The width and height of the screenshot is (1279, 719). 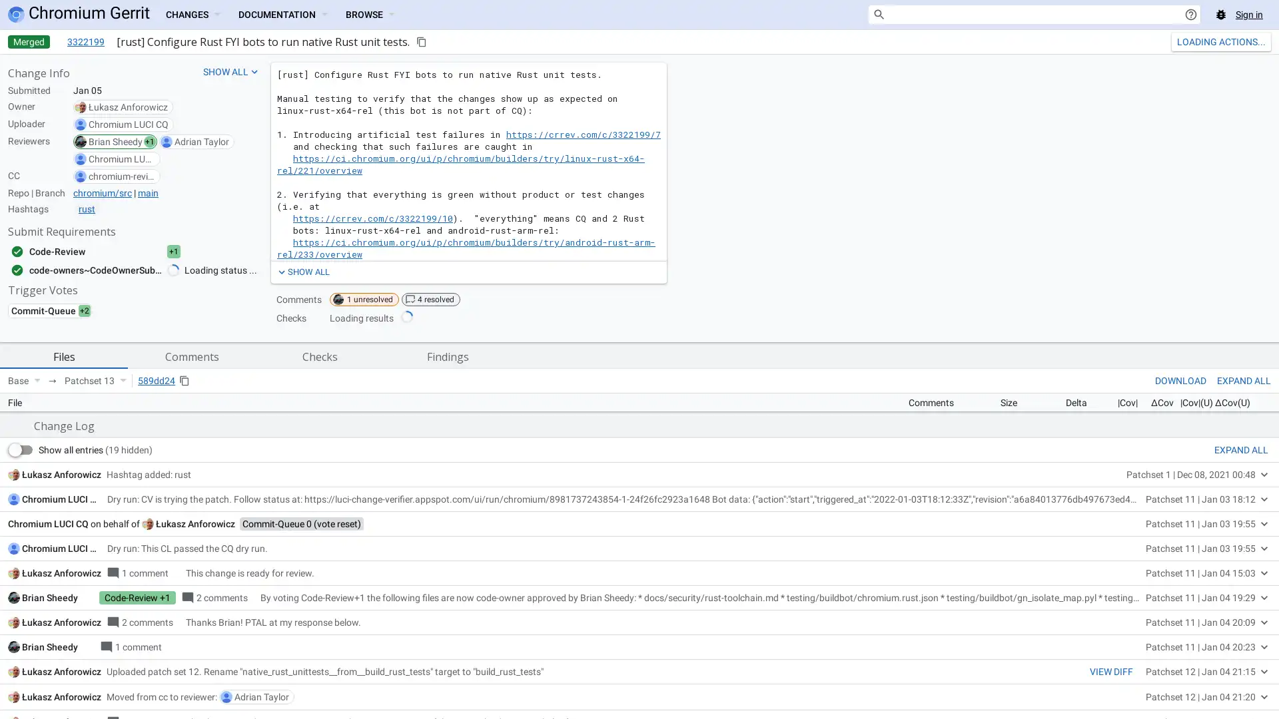 What do you see at coordinates (1248, 579) in the screenshot?
I see `FILE BUG` at bounding box center [1248, 579].